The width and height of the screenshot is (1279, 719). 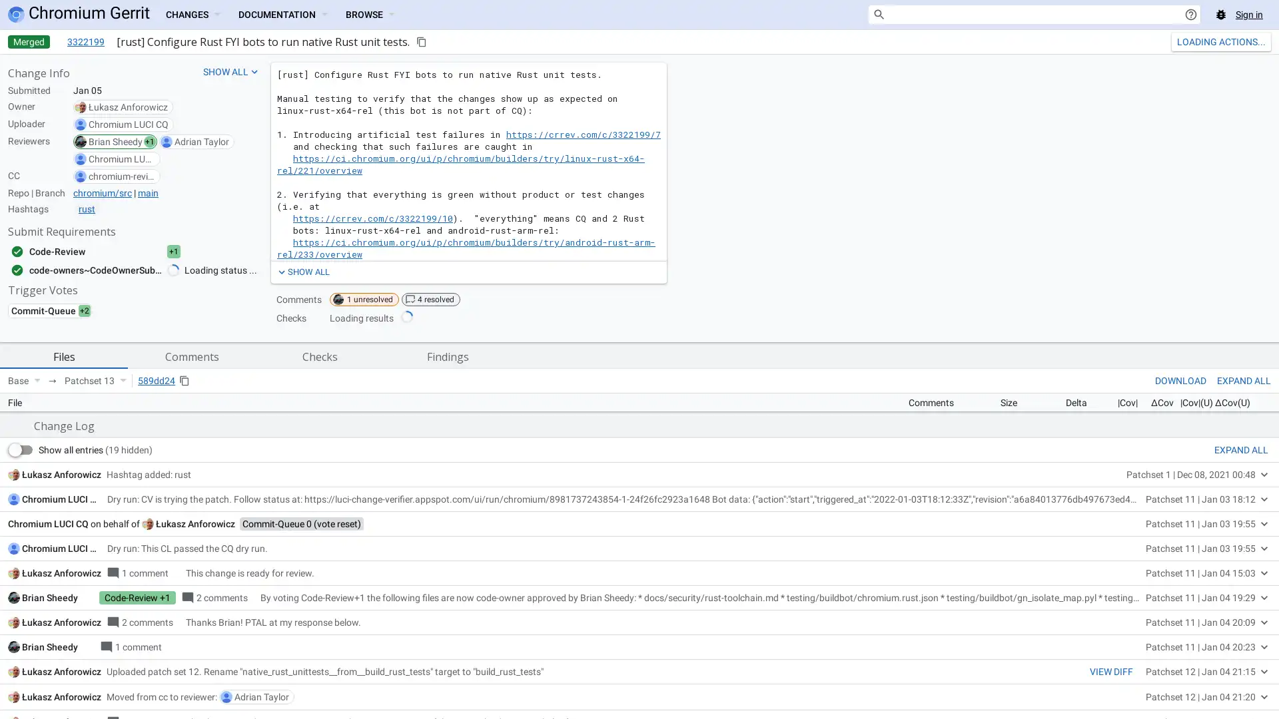 What do you see at coordinates (1248, 579) in the screenshot?
I see `FILE BUG` at bounding box center [1248, 579].